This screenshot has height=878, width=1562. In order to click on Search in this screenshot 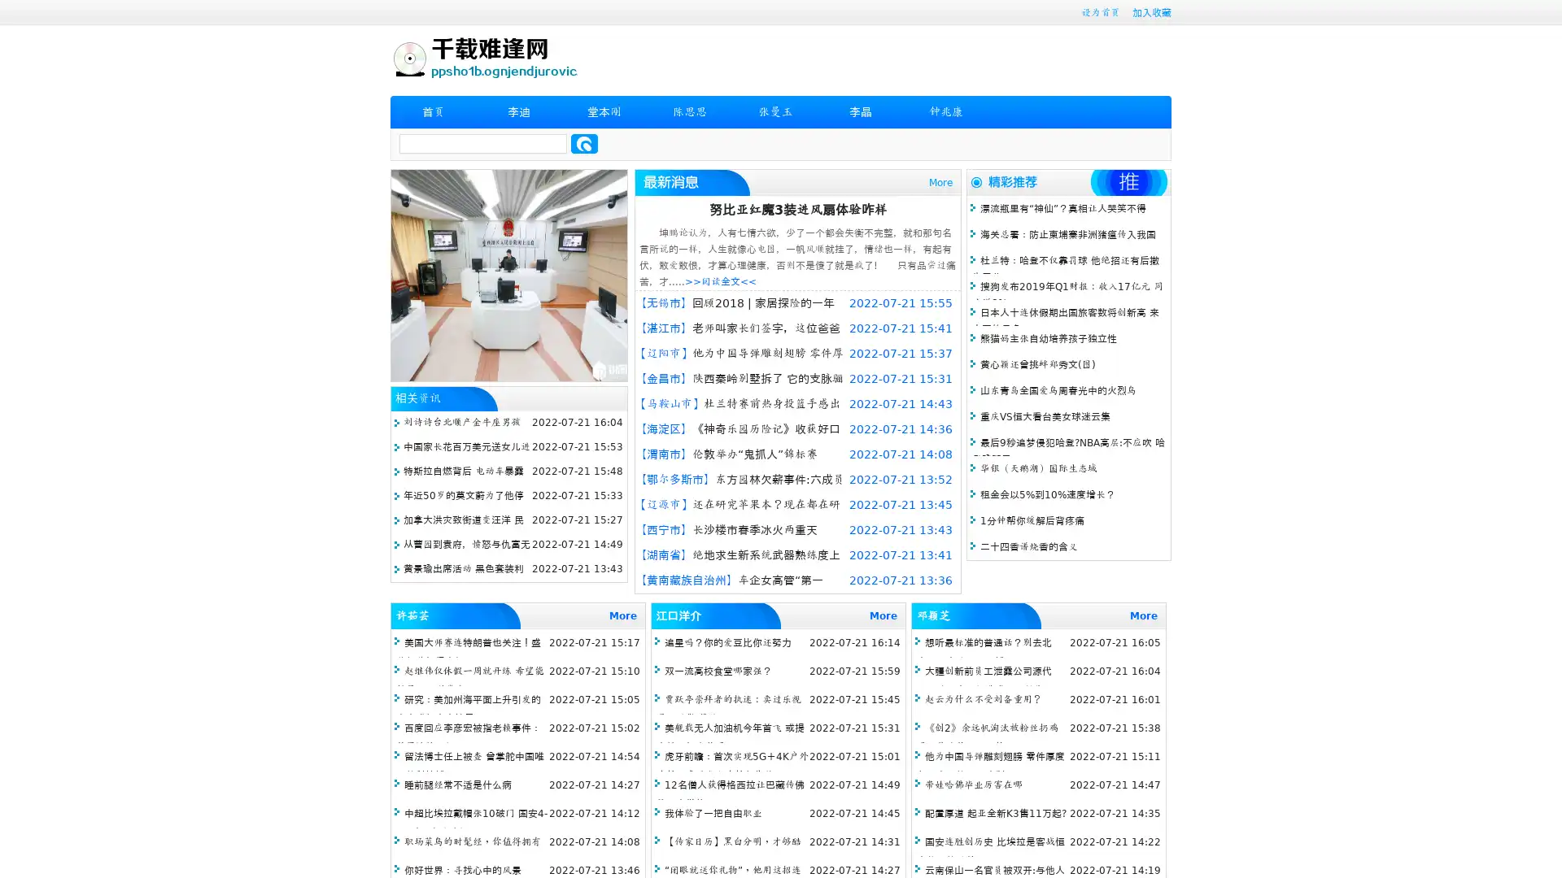, I will do `click(584, 143)`.